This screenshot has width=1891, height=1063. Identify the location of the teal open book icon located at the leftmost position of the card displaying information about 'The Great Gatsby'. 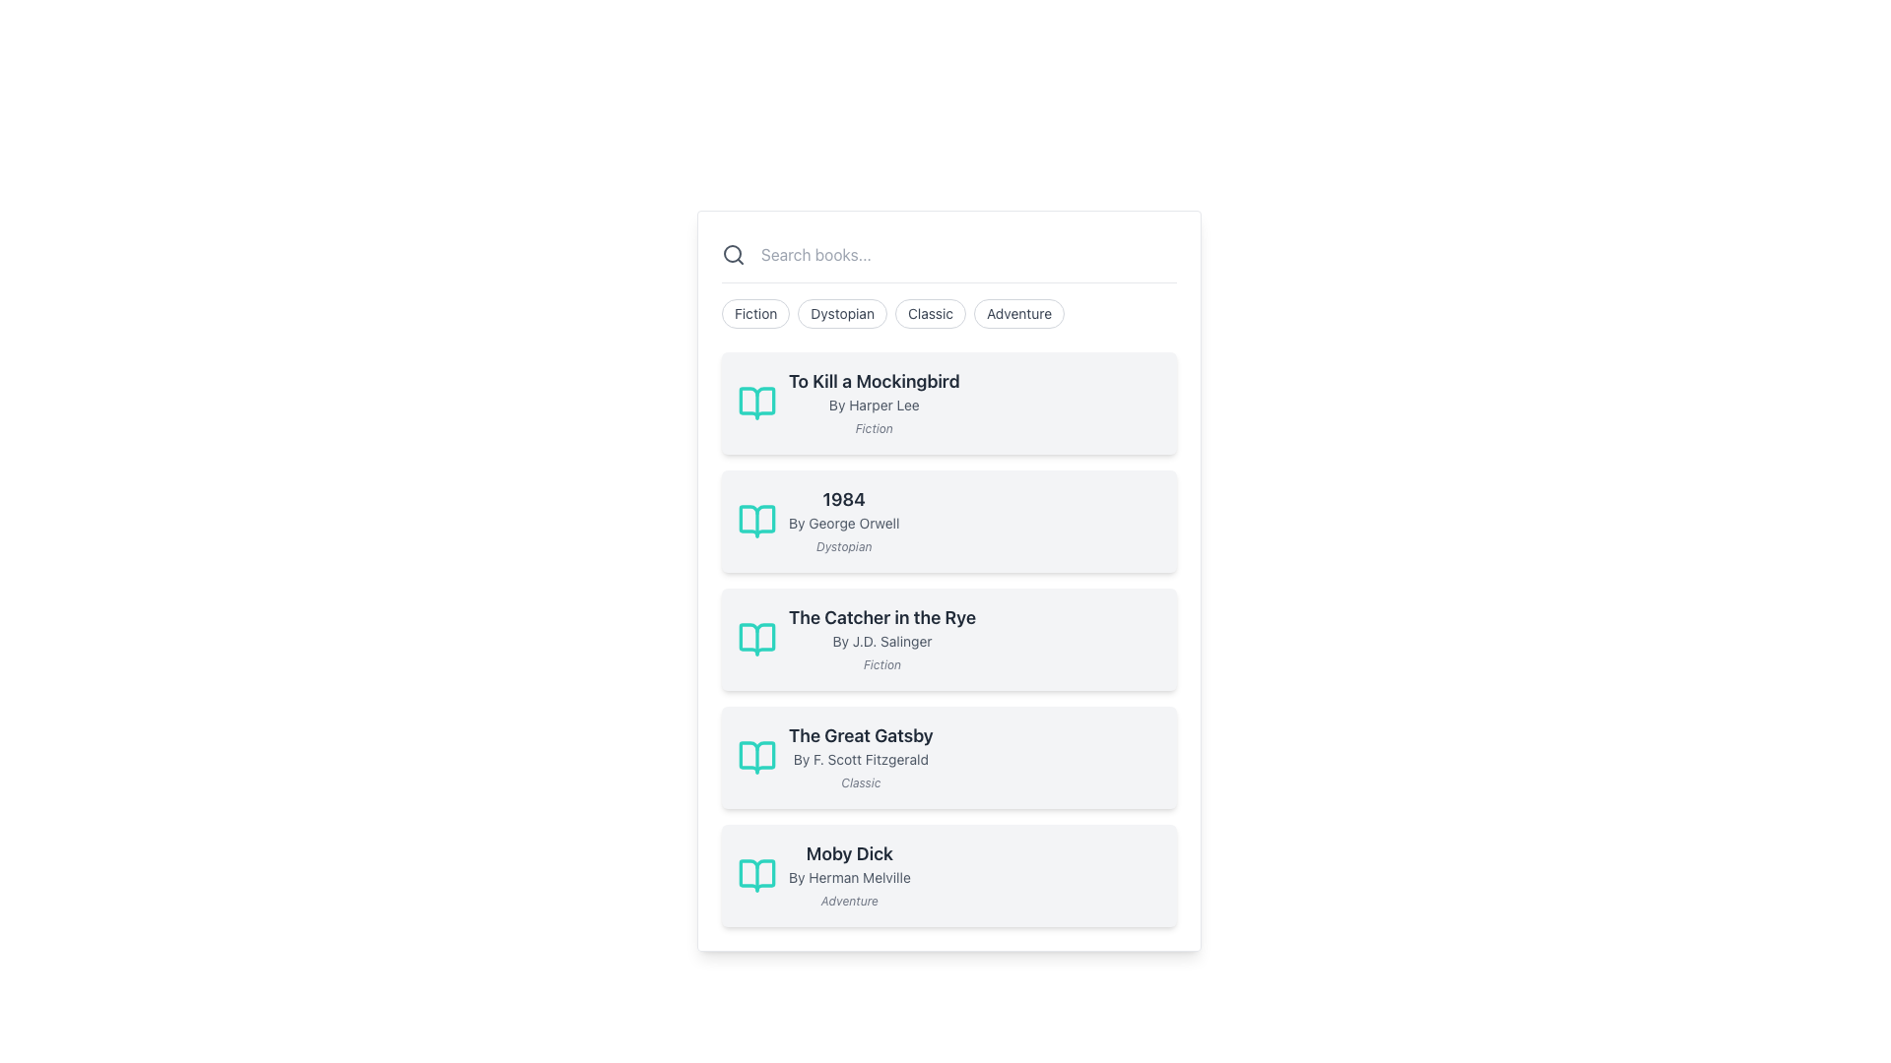
(755, 757).